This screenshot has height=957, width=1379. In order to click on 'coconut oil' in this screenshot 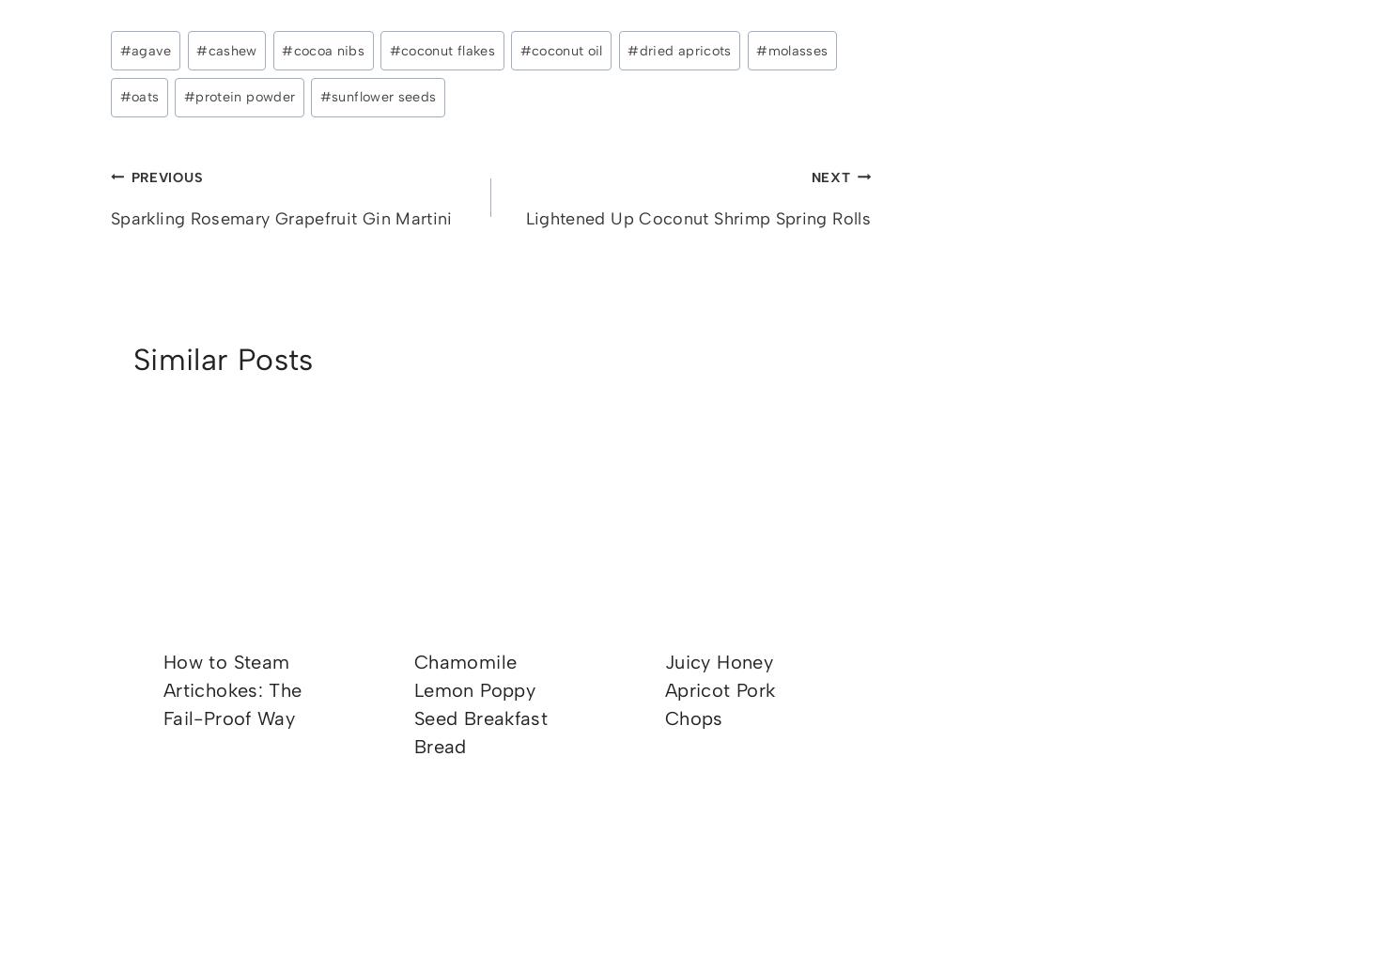, I will do `click(566, 49)`.